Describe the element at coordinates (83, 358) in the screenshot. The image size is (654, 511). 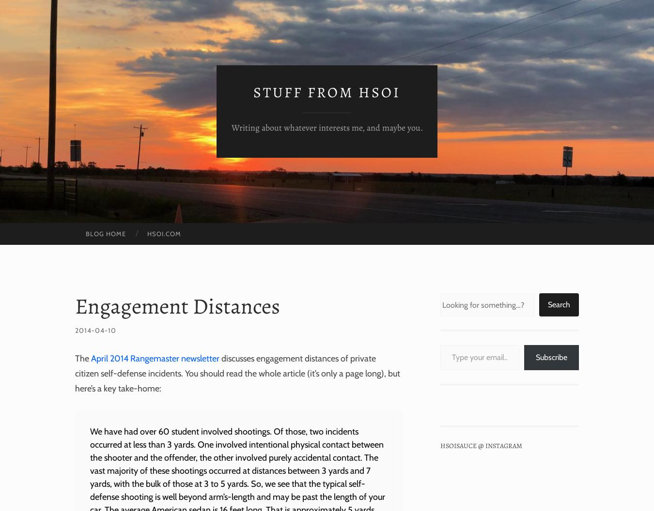
I see `'The'` at that location.